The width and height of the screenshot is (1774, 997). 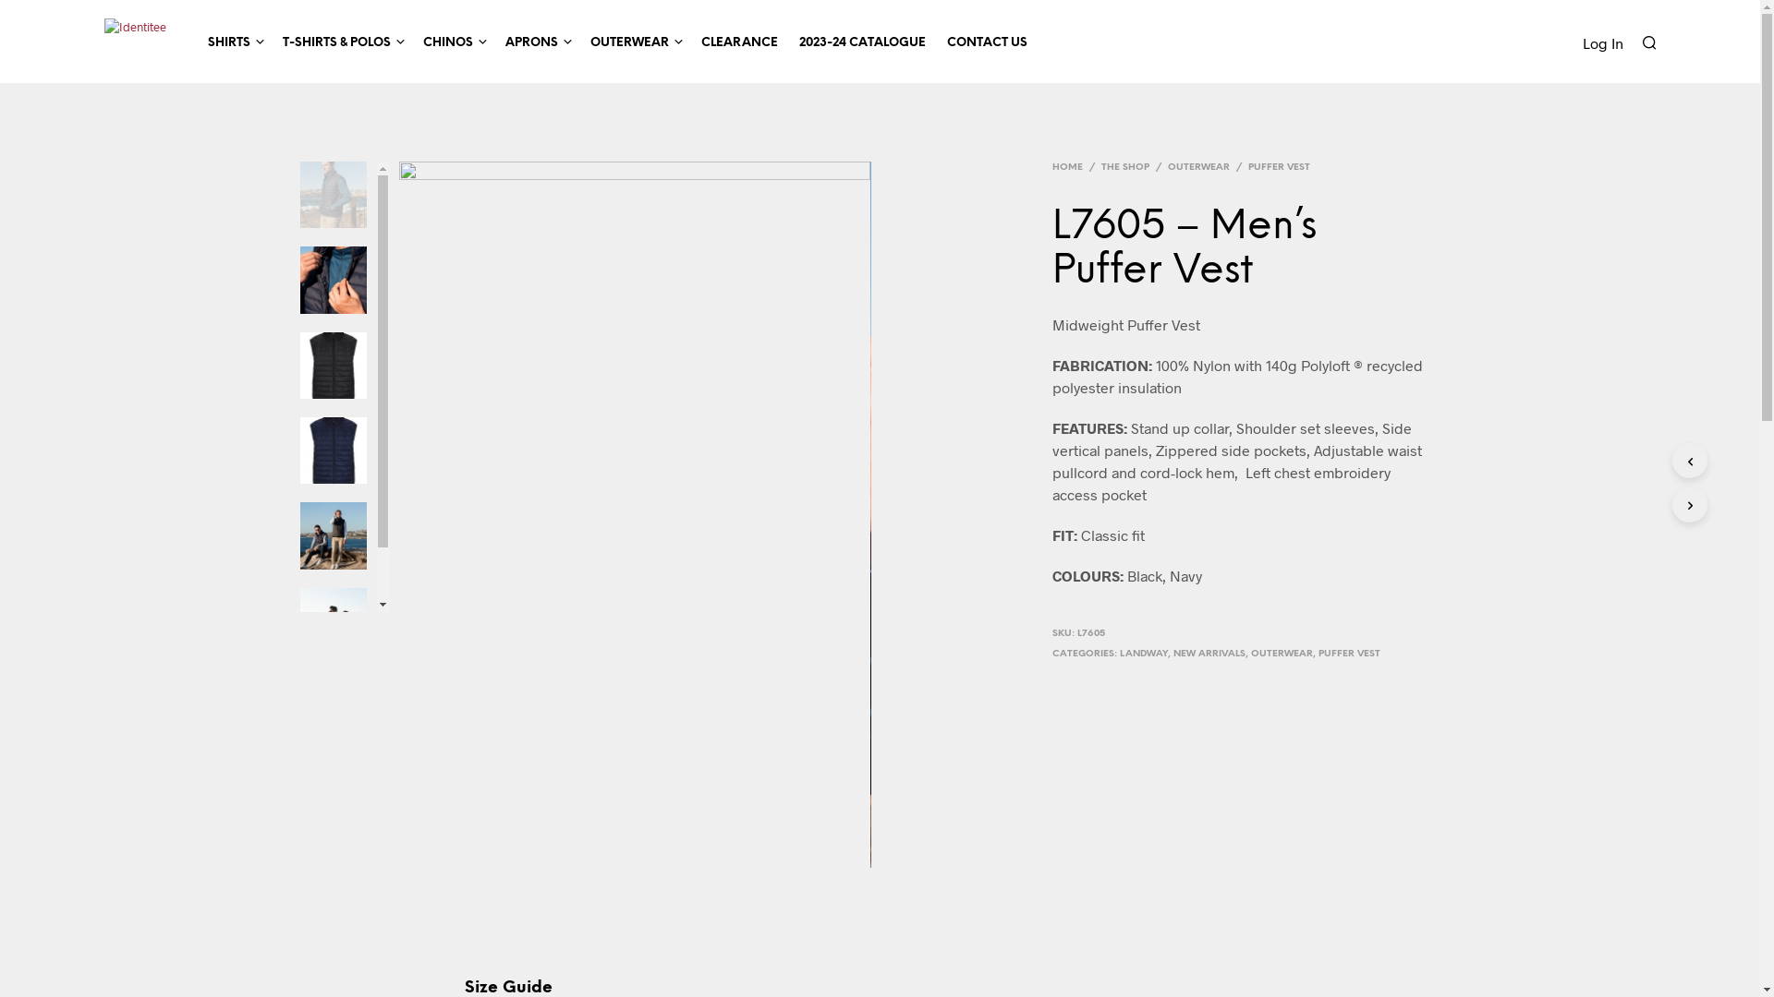 What do you see at coordinates (1198, 167) in the screenshot?
I see `'OUTERWEAR'` at bounding box center [1198, 167].